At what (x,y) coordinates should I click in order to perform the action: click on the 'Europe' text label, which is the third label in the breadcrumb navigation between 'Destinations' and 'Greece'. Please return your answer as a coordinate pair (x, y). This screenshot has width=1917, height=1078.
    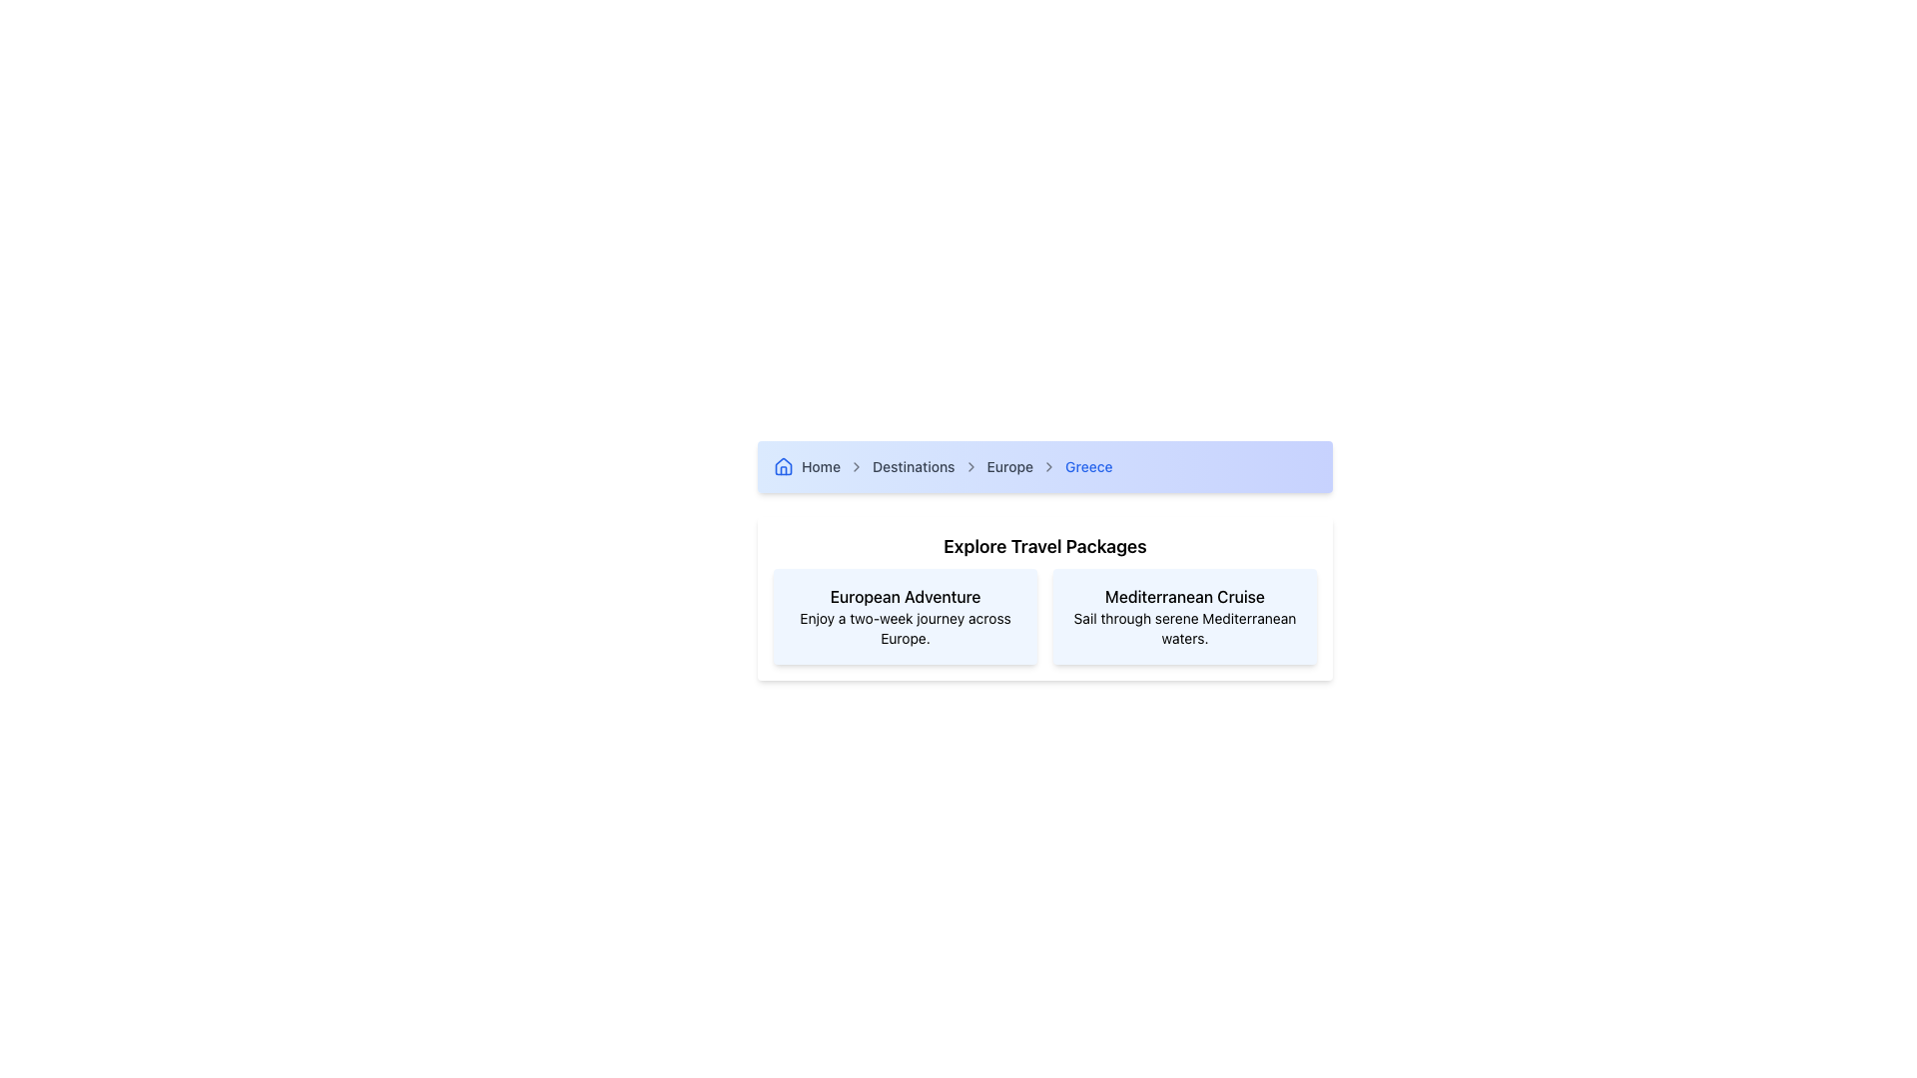
    Looking at the image, I should click on (1009, 466).